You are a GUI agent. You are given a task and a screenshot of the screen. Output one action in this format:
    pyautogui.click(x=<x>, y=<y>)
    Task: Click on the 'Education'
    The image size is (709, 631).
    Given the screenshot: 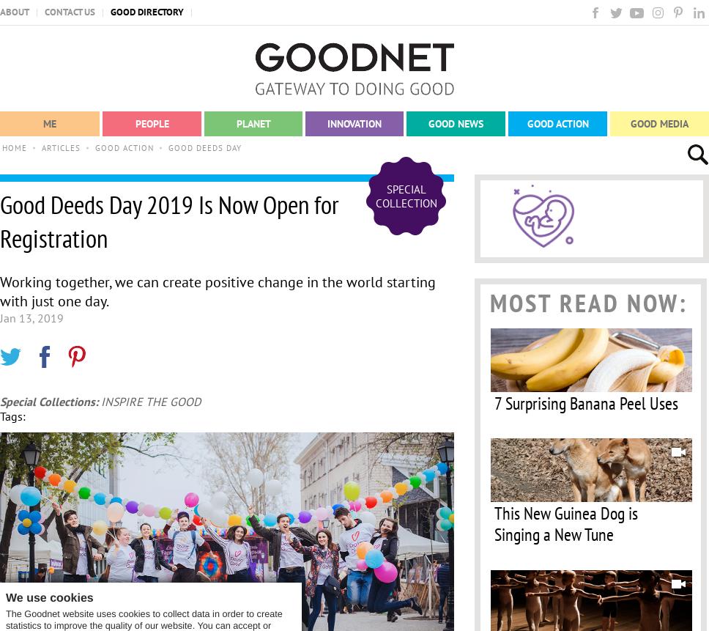 What is the action you would take?
    pyautogui.click(x=347, y=193)
    